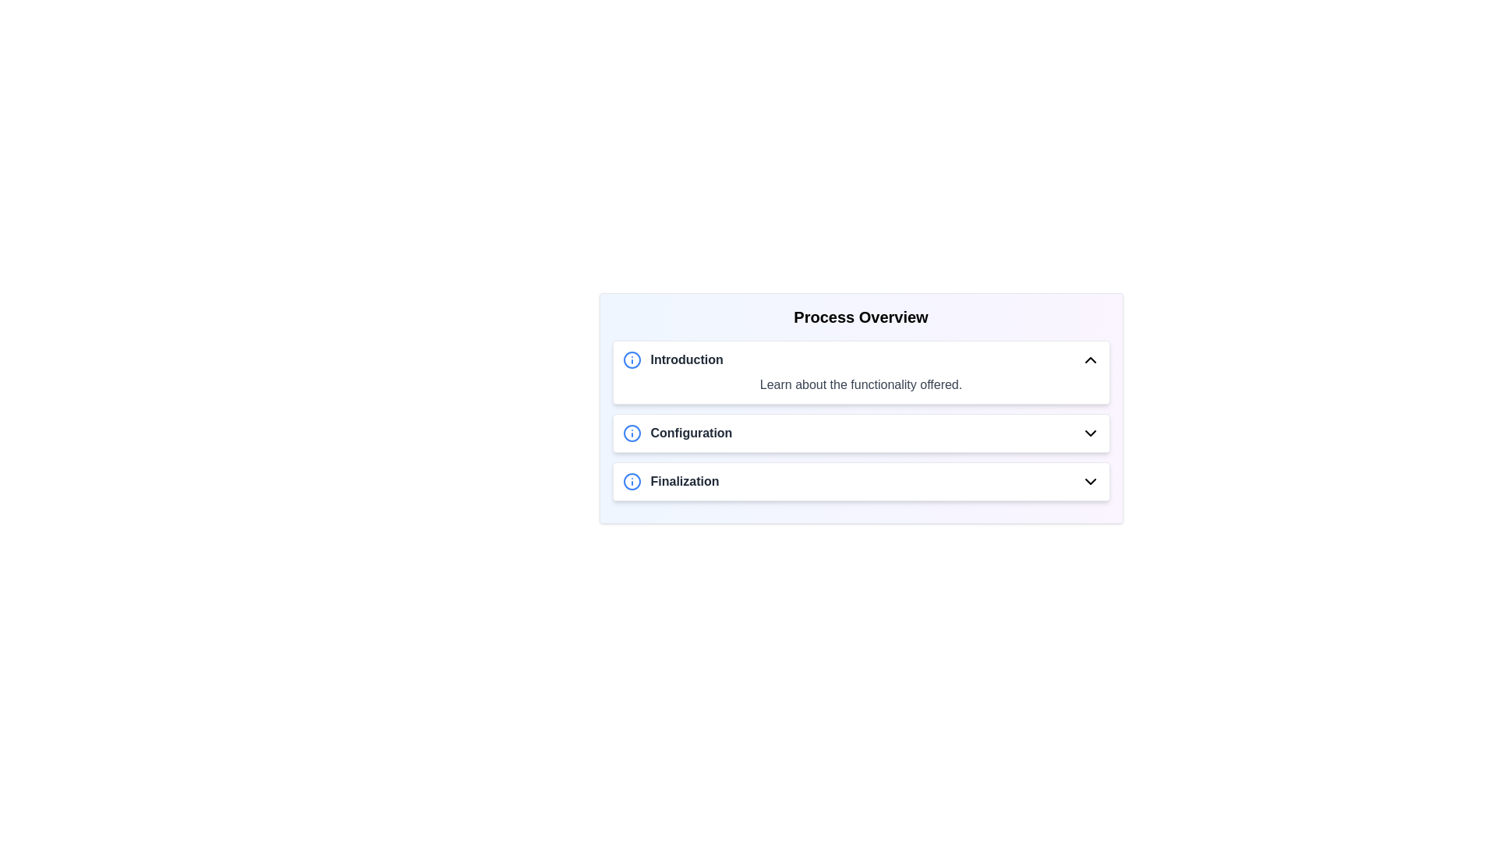  Describe the element at coordinates (690, 433) in the screenshot. I see `the Text label that serves as the title for a configuration section in the Process Overview panel, located beneath the 'Introduction' section and above the 'Finalization' section` at that location.